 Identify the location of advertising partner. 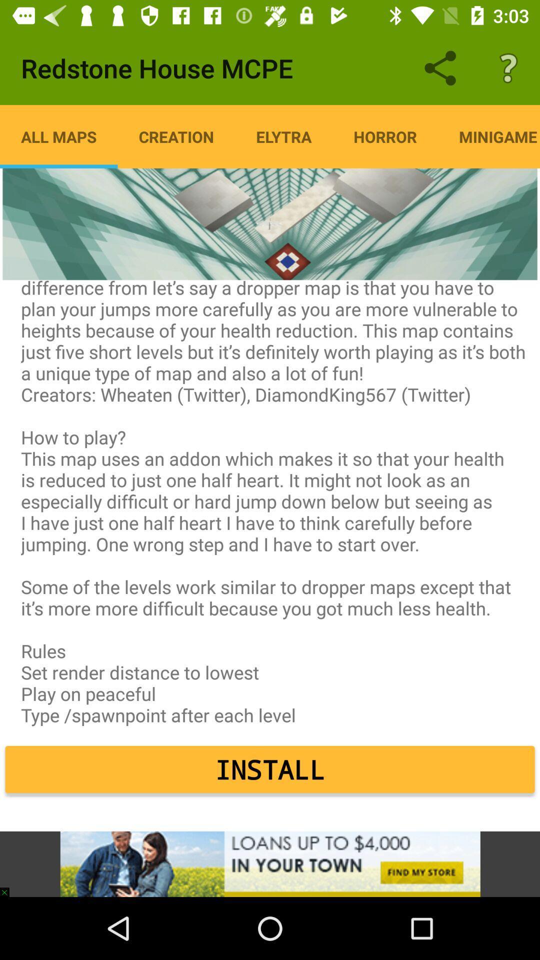
(270, 863).